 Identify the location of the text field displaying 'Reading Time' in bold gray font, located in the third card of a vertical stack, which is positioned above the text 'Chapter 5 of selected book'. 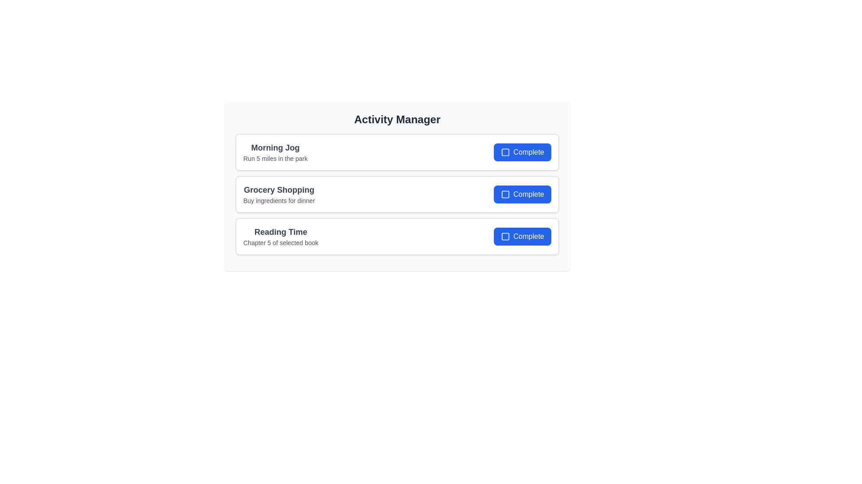
(280, 231).